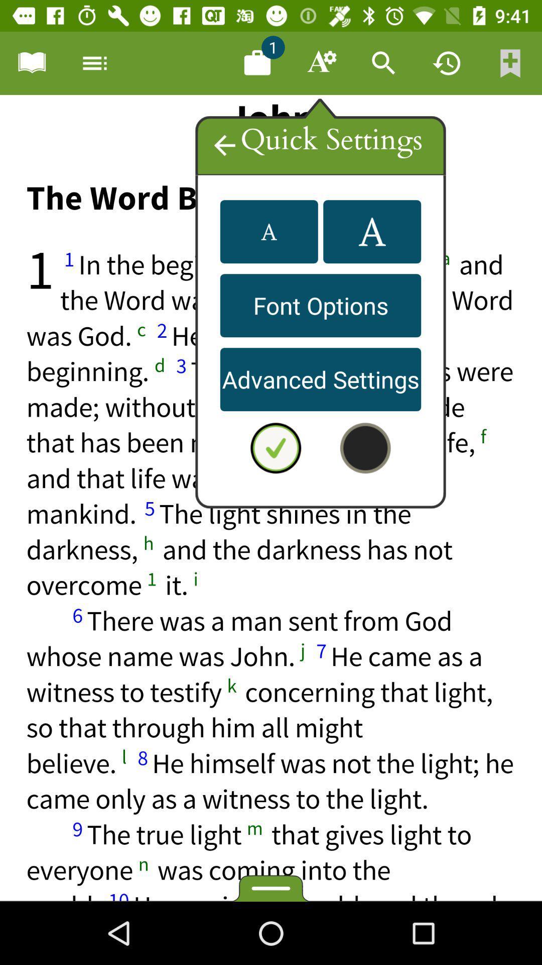 This screenshot has width=542, height=965. Describe the element at coordinates (383, 62) in the screenshot. I see `search bar` at that location.